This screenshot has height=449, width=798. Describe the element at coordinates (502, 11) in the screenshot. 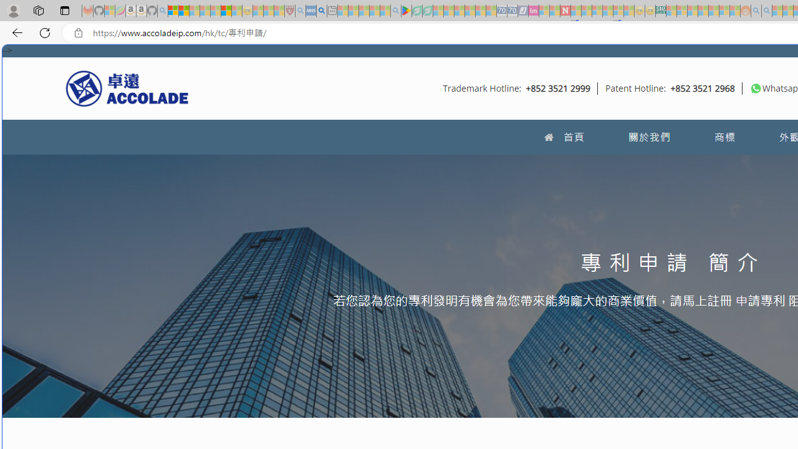

I see `'Cheap Car Rentals - Save70.com - Sleeping'` at that location.